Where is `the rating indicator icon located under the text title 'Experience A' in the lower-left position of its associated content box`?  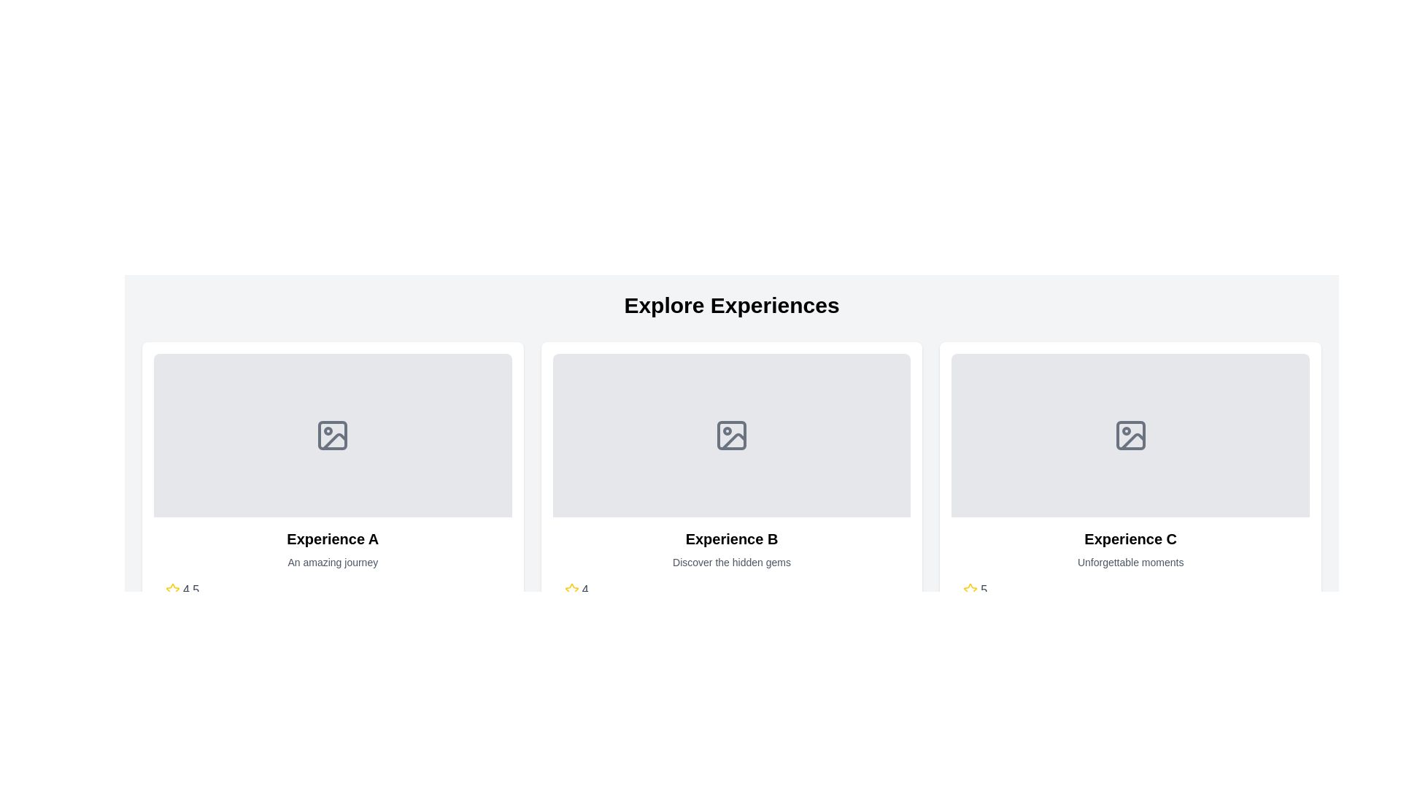 the rating indicator icon located under the text title 'Experience A' in the lower-left position of its associated content box is located at coordinates (571, 589).